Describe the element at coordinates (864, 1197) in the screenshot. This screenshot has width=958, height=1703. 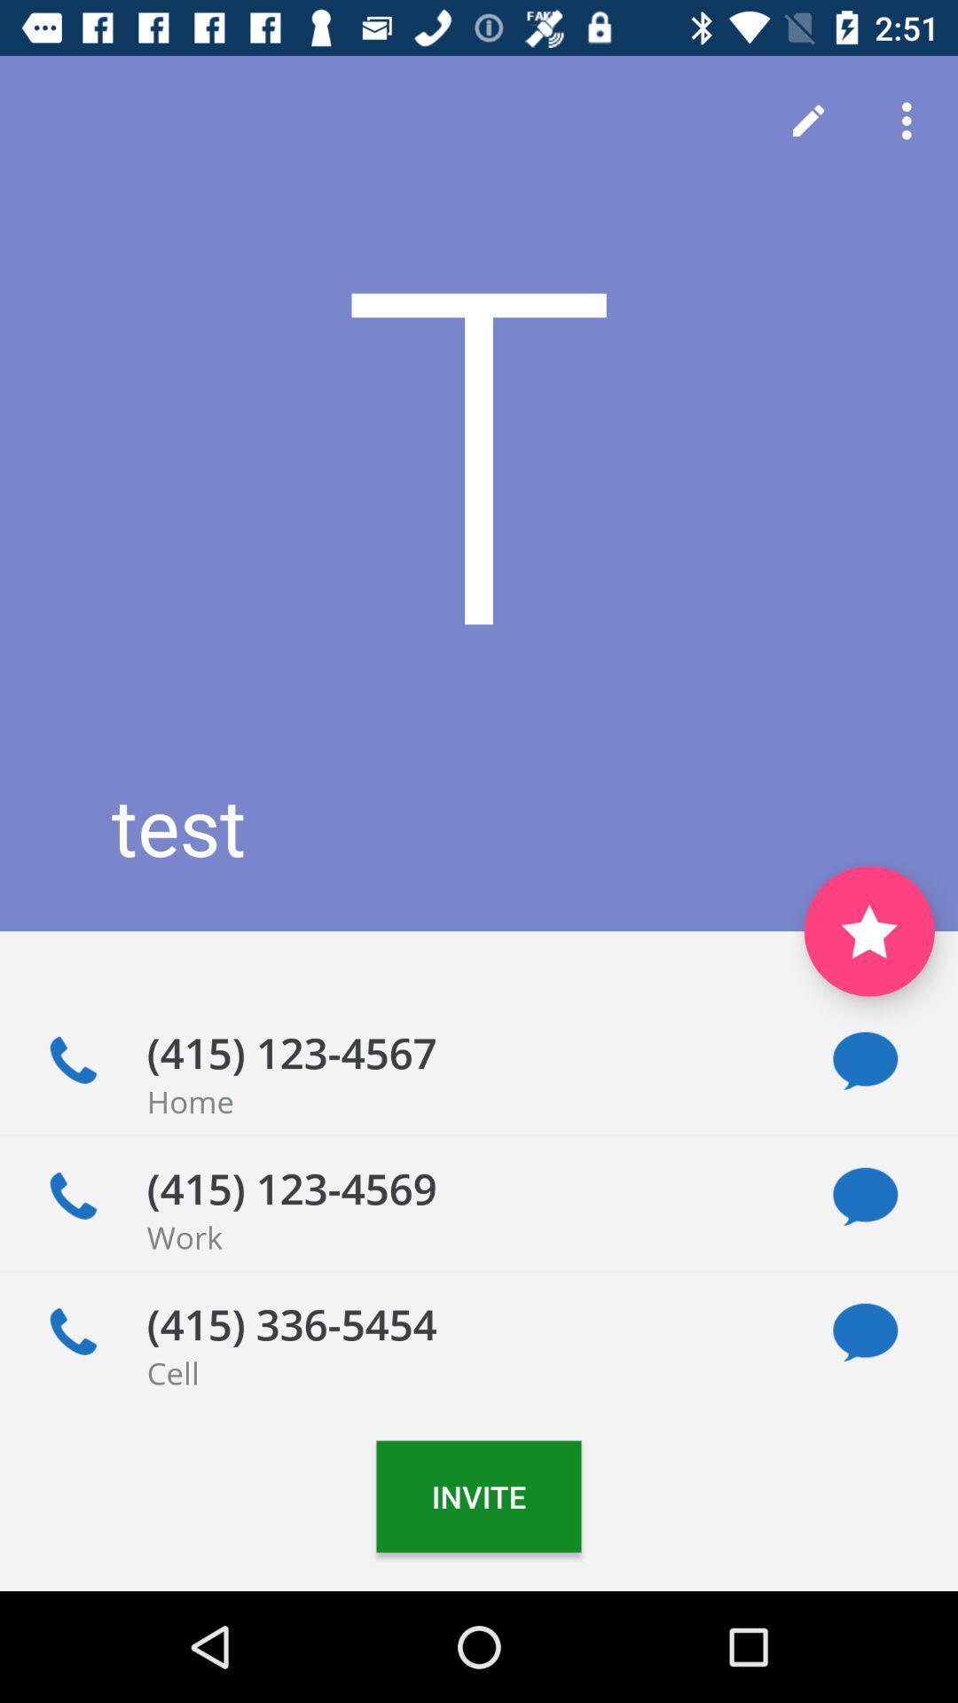
I see `message` at that location.